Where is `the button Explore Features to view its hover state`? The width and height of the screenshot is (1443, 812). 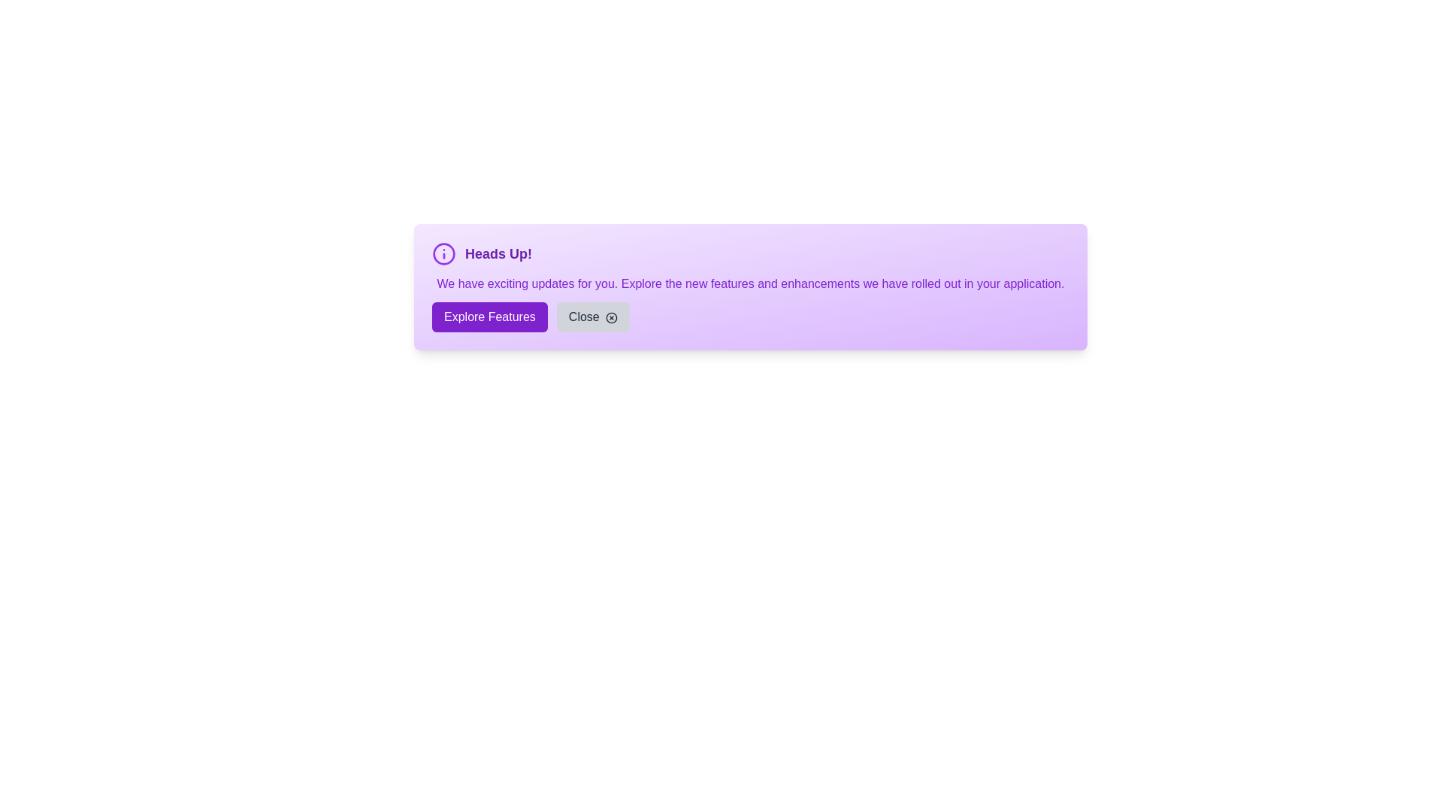 the button Explore Features to view its hover state is located at coordinates (489, 316).